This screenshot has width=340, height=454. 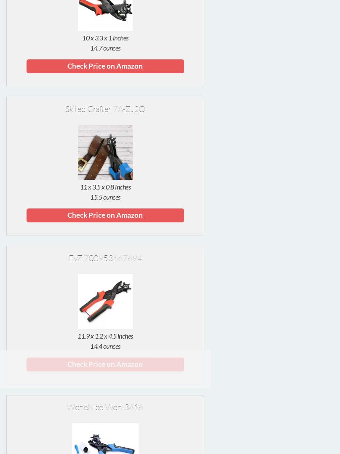 What do you see at coordinates (104, 108) in the screenshot?
I see `'Skilled Crafter 7A-ZJ2Q'` at bounding box center [104, 108].